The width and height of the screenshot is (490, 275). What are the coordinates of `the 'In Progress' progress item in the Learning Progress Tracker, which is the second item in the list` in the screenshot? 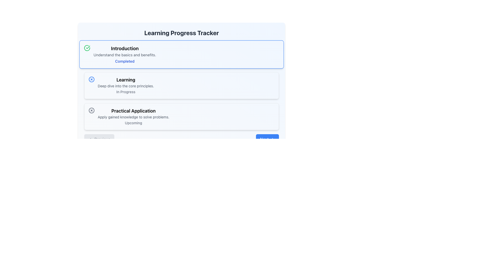 It's located at (181, 86).